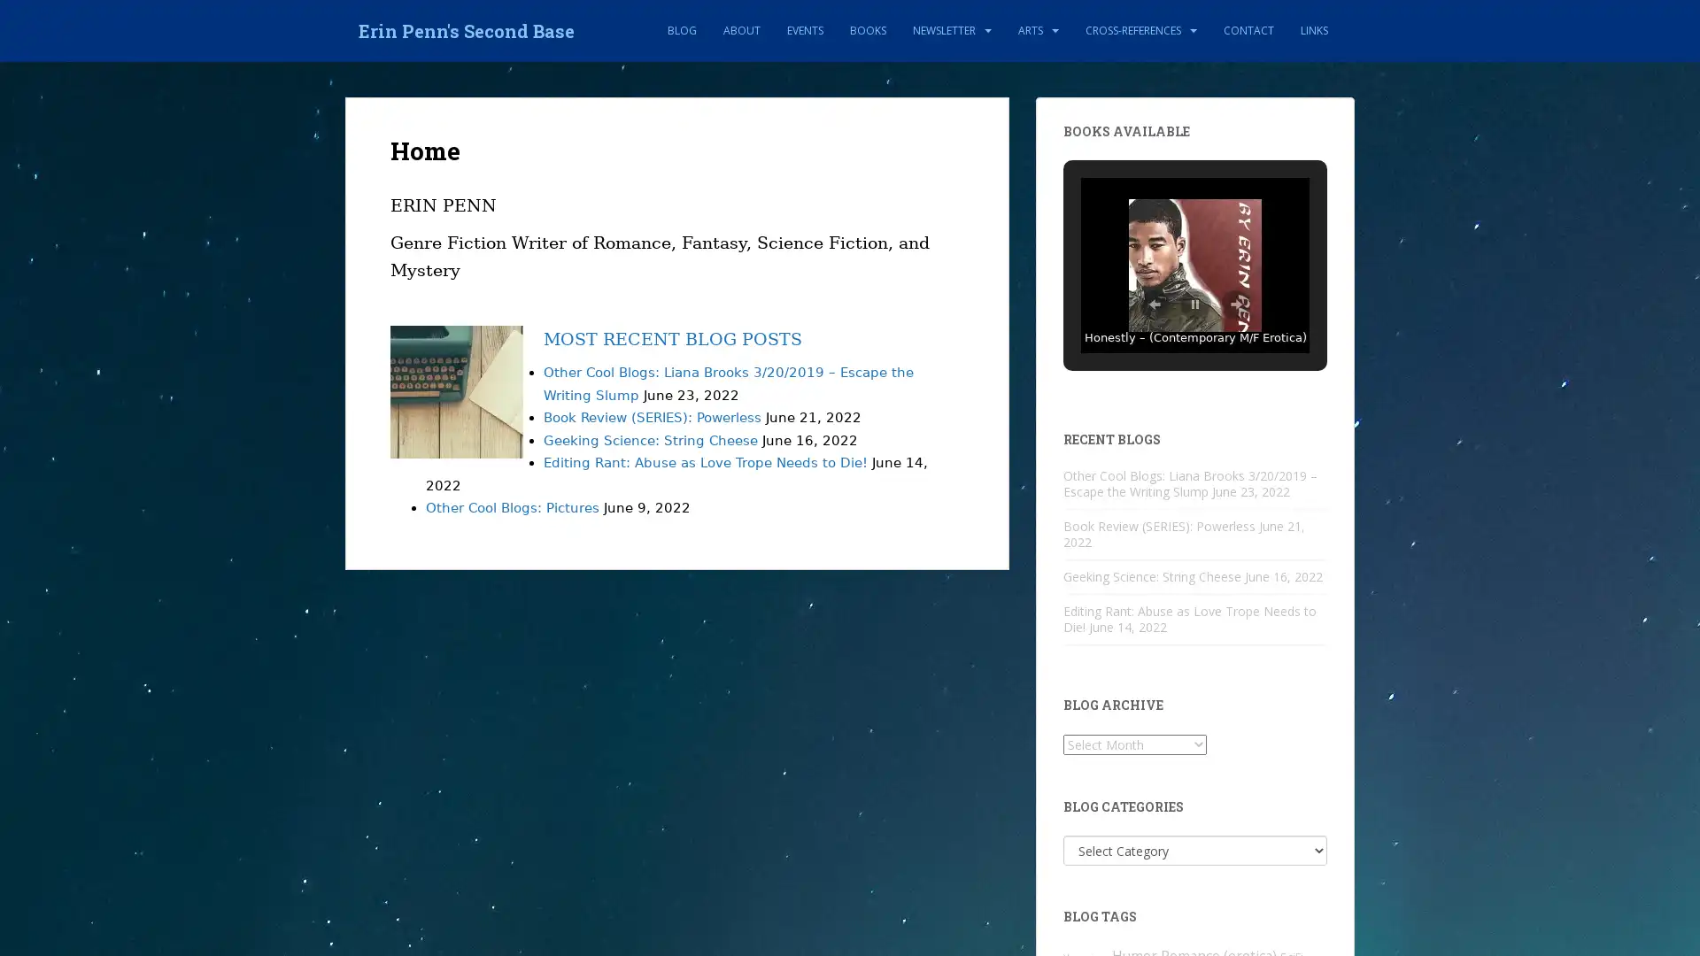 The image size is (1700, 956). Describe the element at coordinates (1194, 303) in the screenshot. I see `Pause Slideshow` at that location.